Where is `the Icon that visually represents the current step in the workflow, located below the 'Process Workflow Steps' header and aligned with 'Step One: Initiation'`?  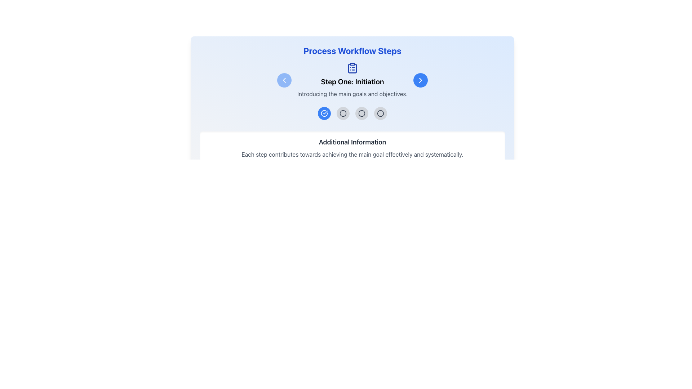 the Icon that visually represents the current step in the workflow, located below the 'Process Workflow Steps' header and aligned with 'Step One: Initiation' is located at coordinates (352, 80).